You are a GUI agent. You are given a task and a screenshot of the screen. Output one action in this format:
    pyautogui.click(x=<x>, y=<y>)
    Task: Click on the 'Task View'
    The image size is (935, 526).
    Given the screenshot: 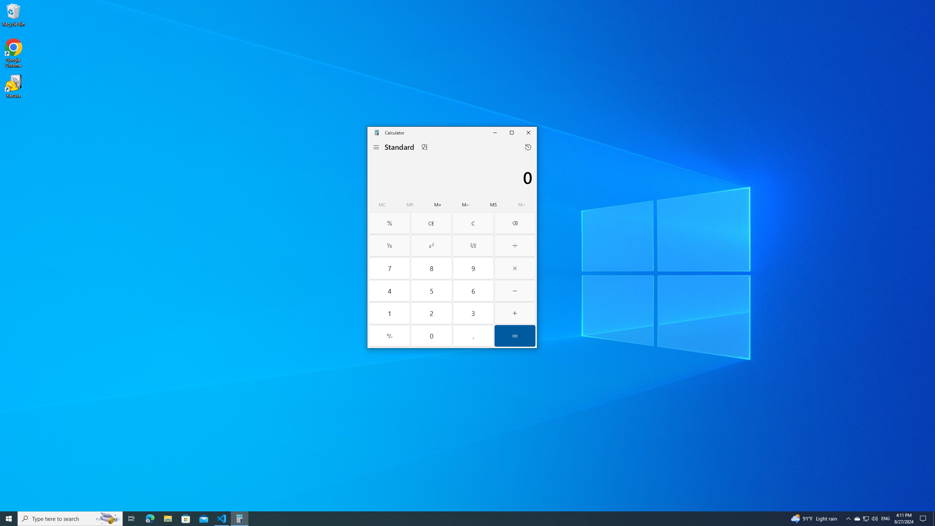 What is the action you would take?
    pyautogui.click(x=131, y=518)
    